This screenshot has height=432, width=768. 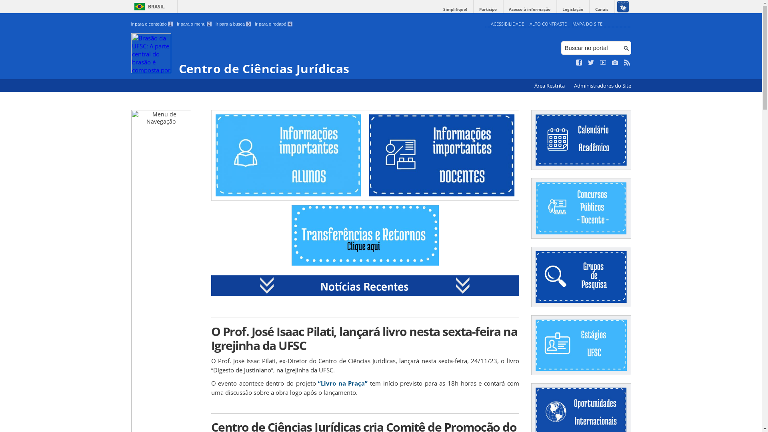 I want to click on 'Veja no Instagram', so click(x=614, y=62).